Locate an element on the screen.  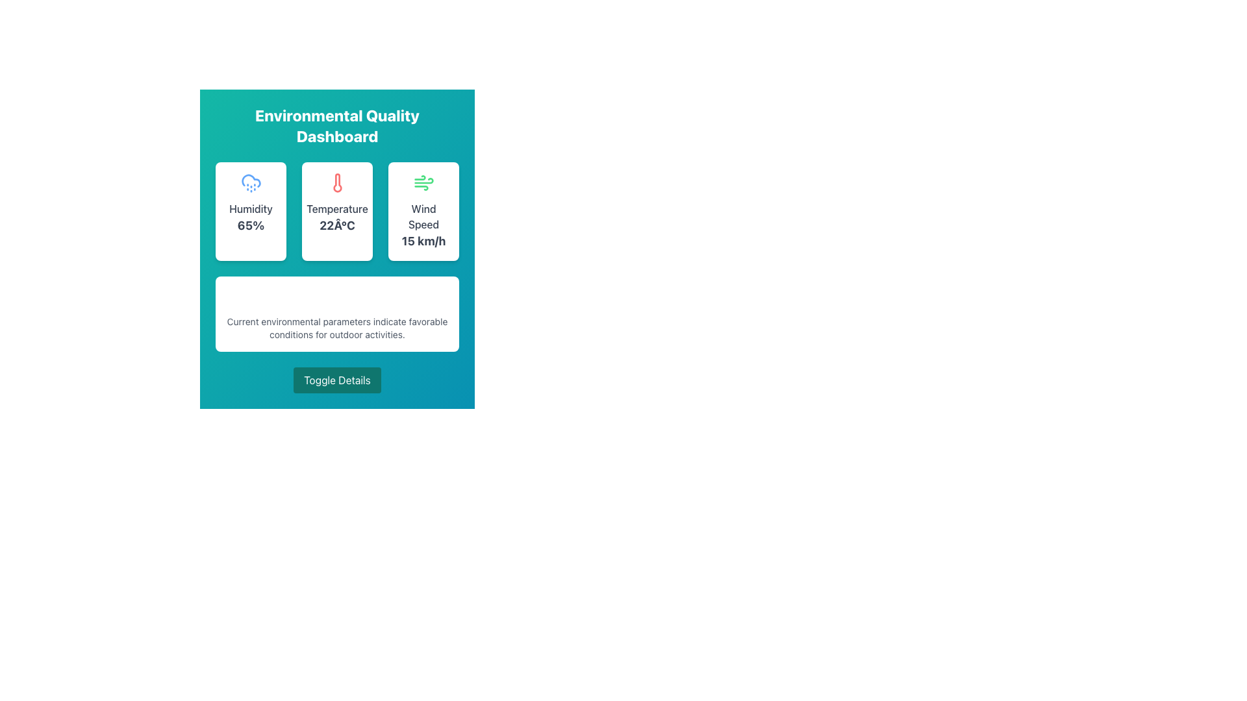
the Informative Text Block that displays current environmental conditions, titled 'Details', which is centrally located below the metrics and above the 'Toggle Details' button is located at coordinates (337, 314).